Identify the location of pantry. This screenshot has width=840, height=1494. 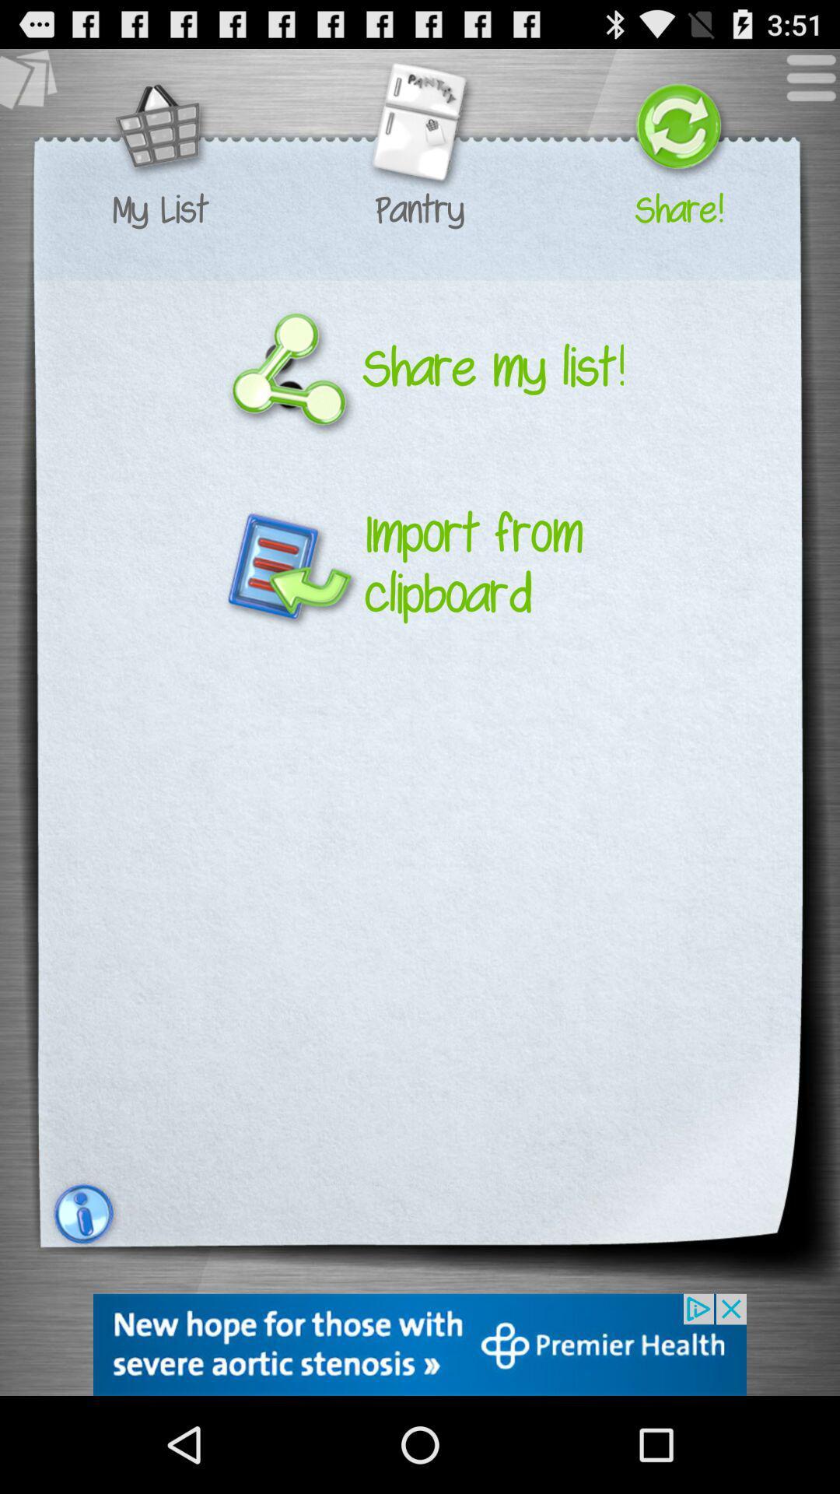
(418, 128).